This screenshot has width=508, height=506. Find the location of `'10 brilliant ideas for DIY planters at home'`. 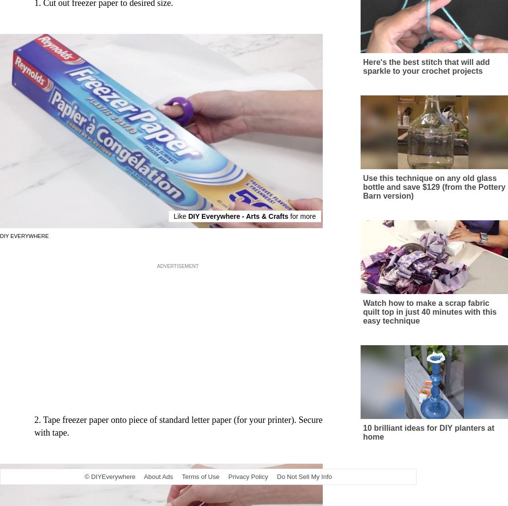

'10 brilliant ideas for DIY planters at home' is located at coordinates (428, 442).